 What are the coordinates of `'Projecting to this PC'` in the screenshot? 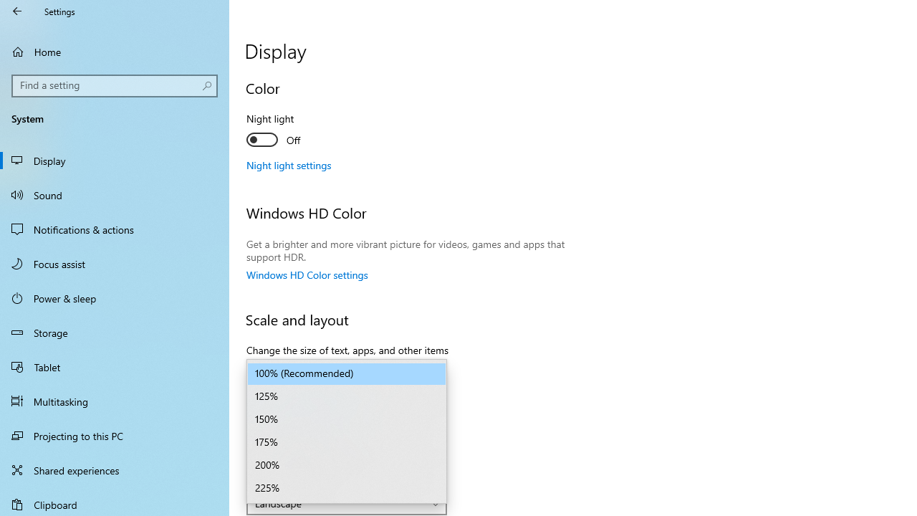 It's located at (115, 435).